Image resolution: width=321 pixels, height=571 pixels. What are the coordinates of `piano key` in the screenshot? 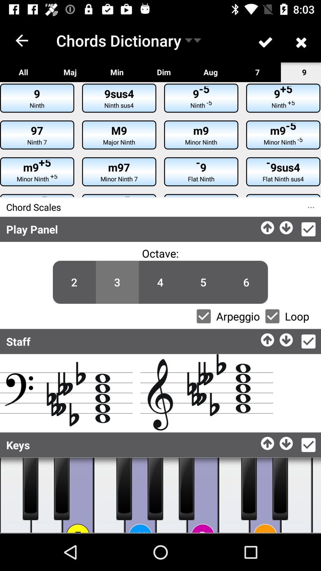 It's located at (202, 495).